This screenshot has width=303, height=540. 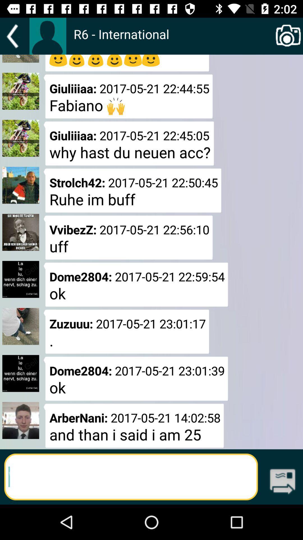 What do you see at coordinates (131, 476) in the screenshot?
I see `text` at bounding box center [131, 476].